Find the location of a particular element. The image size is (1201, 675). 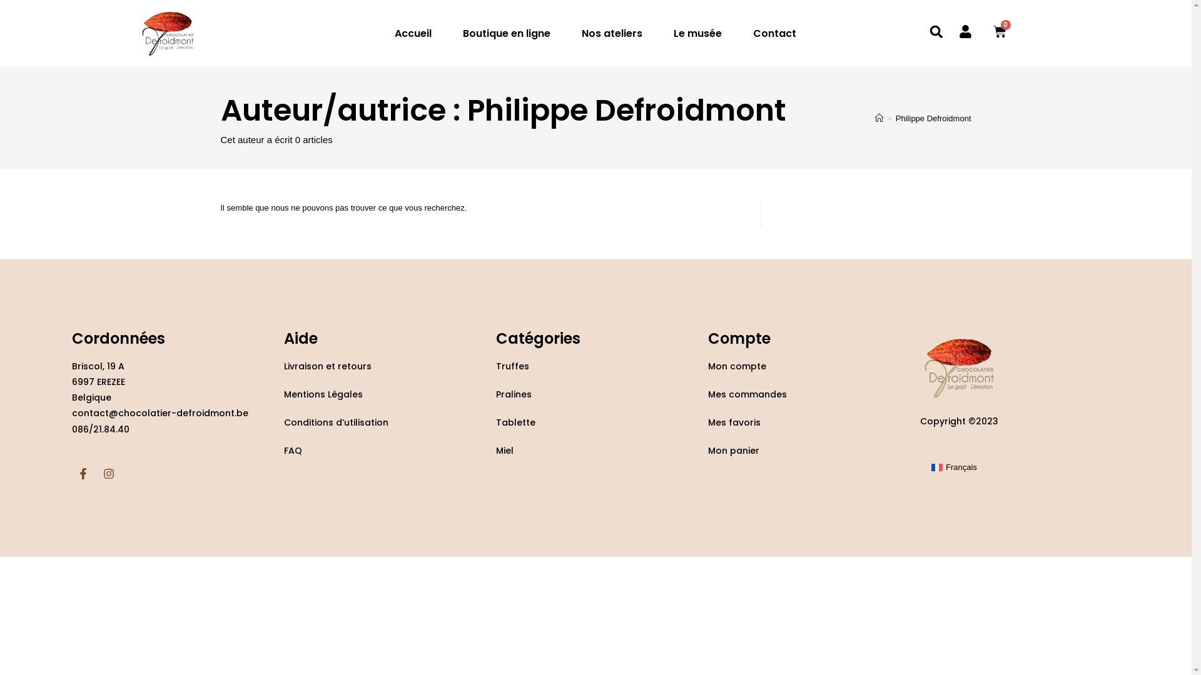

'0' is located at coordinates (999, 31).